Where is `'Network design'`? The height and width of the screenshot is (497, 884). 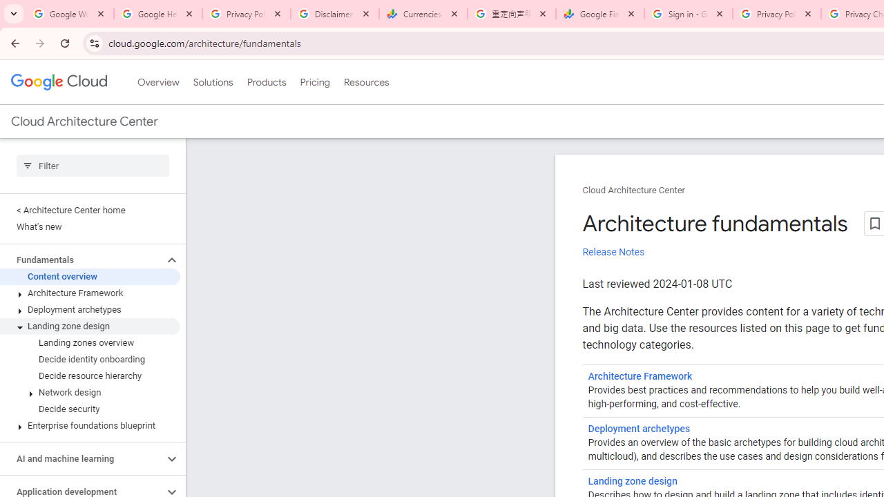 'Network design' is located at coordinates (89, 393).